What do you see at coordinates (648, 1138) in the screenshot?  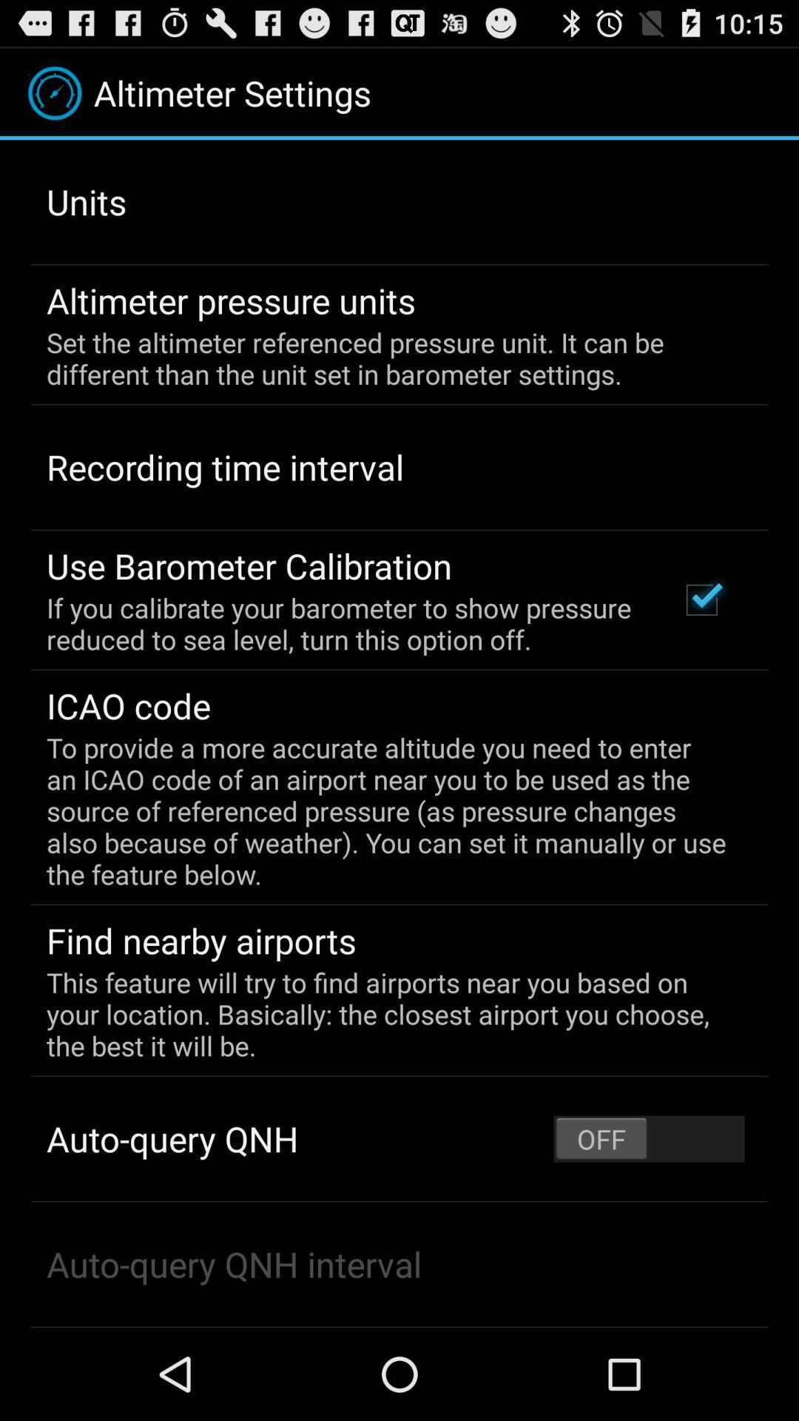 I see `the item to the right of the auto-query qnh app` at bounding box center [648, 1138].